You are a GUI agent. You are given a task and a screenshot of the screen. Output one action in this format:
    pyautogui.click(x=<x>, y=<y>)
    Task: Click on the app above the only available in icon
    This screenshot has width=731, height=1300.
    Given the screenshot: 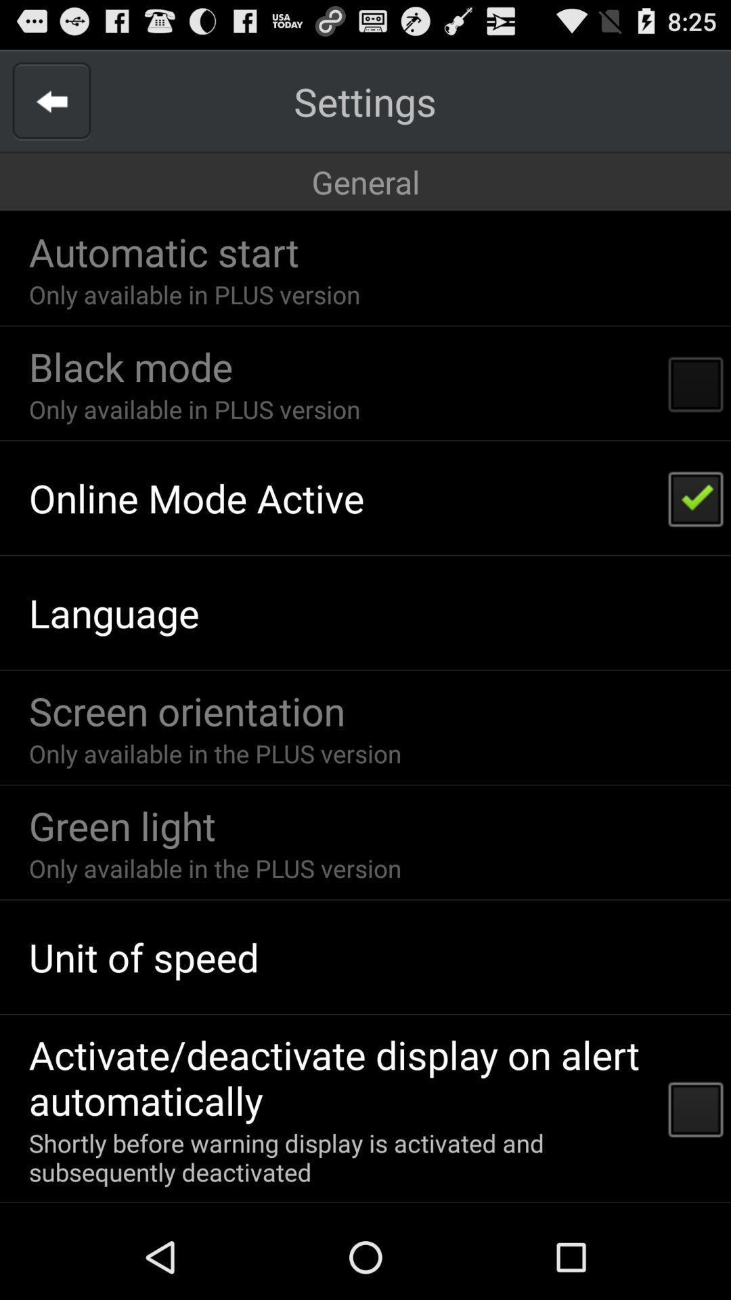 What is the action you would take?
    pyautogui.click(x=131, y=366)
    